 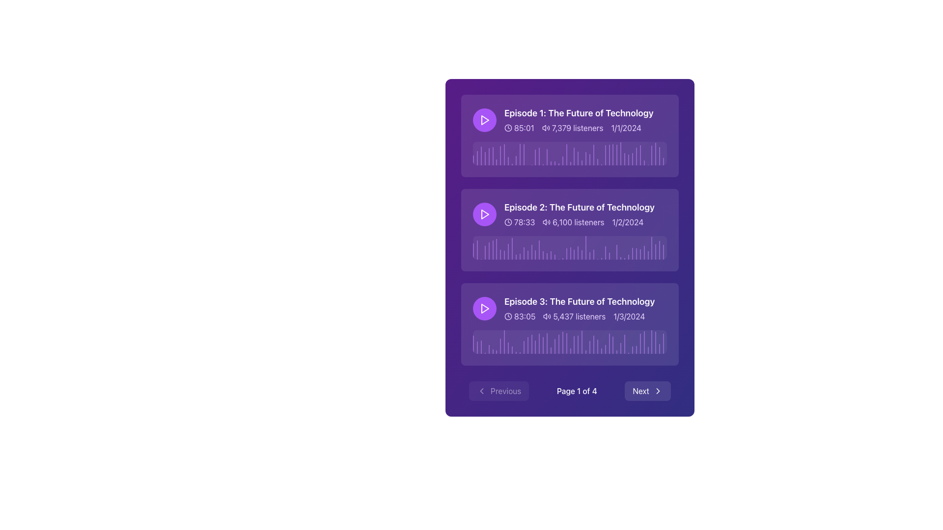 I want to click on the individual vertical bar in the audio waveform representation located under the header 'Episode 1: The Future of Technology', so click(x=597, y=161).